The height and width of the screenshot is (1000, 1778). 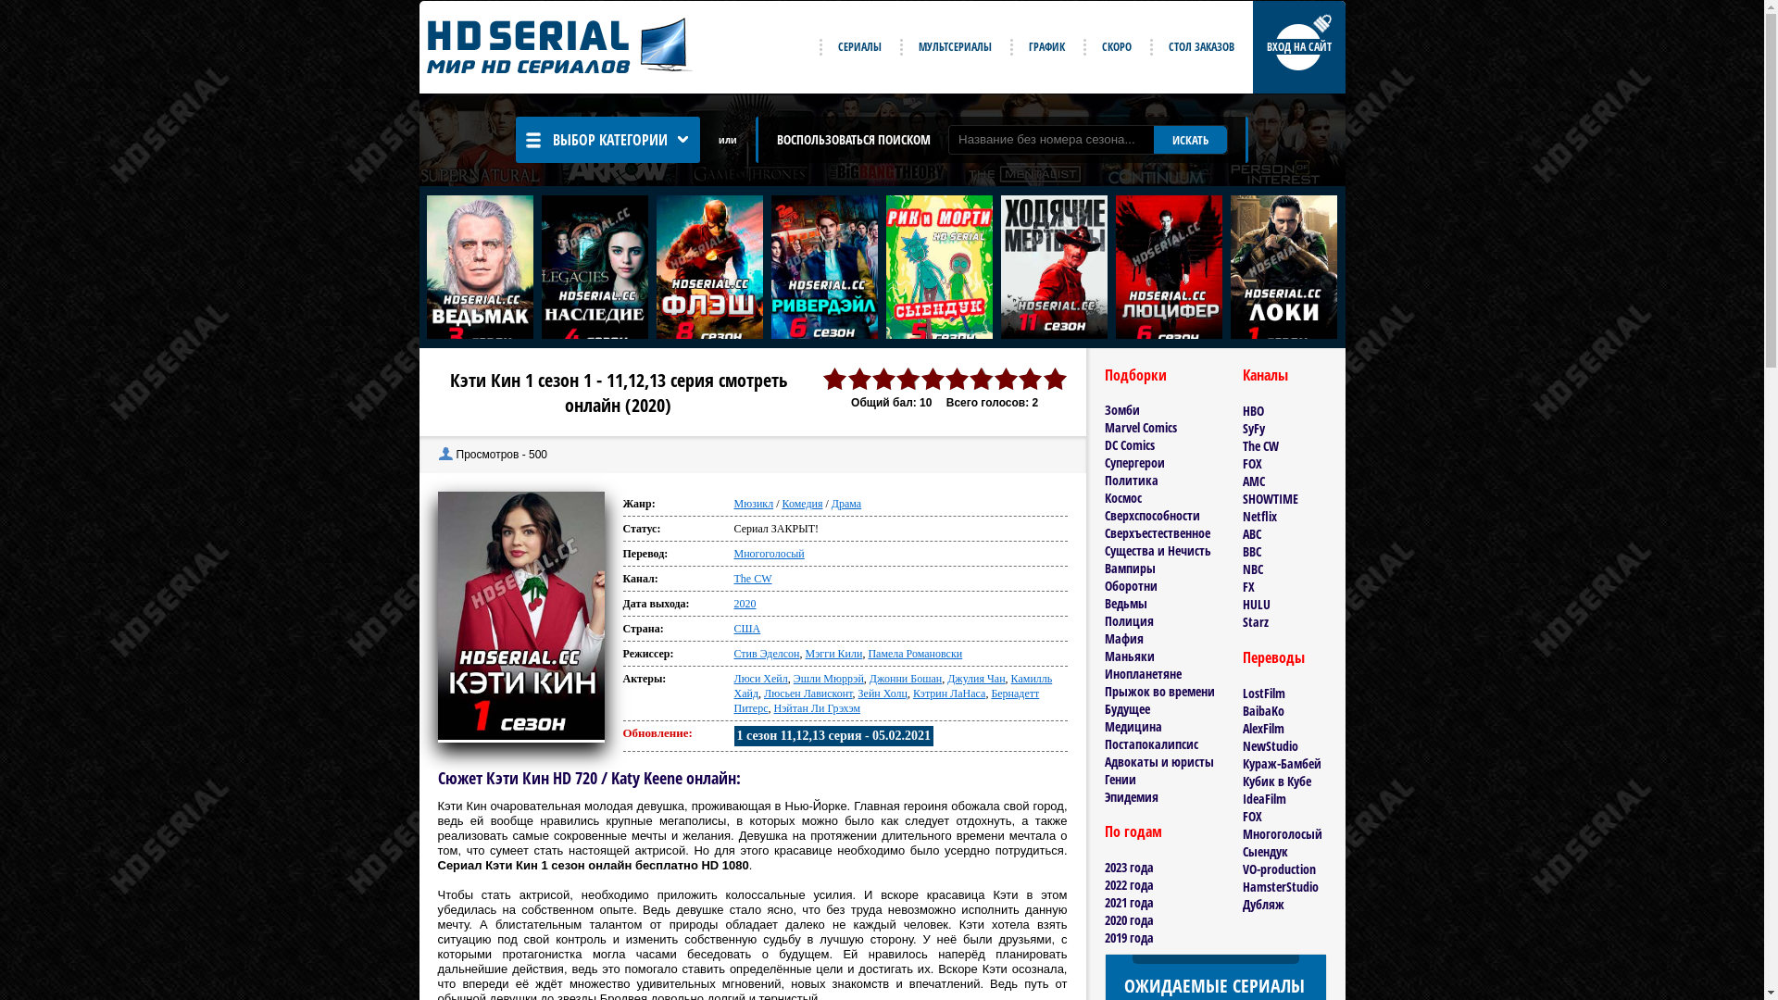 I want to click on 'Marvel Comics', so click(x=1138, y=427).